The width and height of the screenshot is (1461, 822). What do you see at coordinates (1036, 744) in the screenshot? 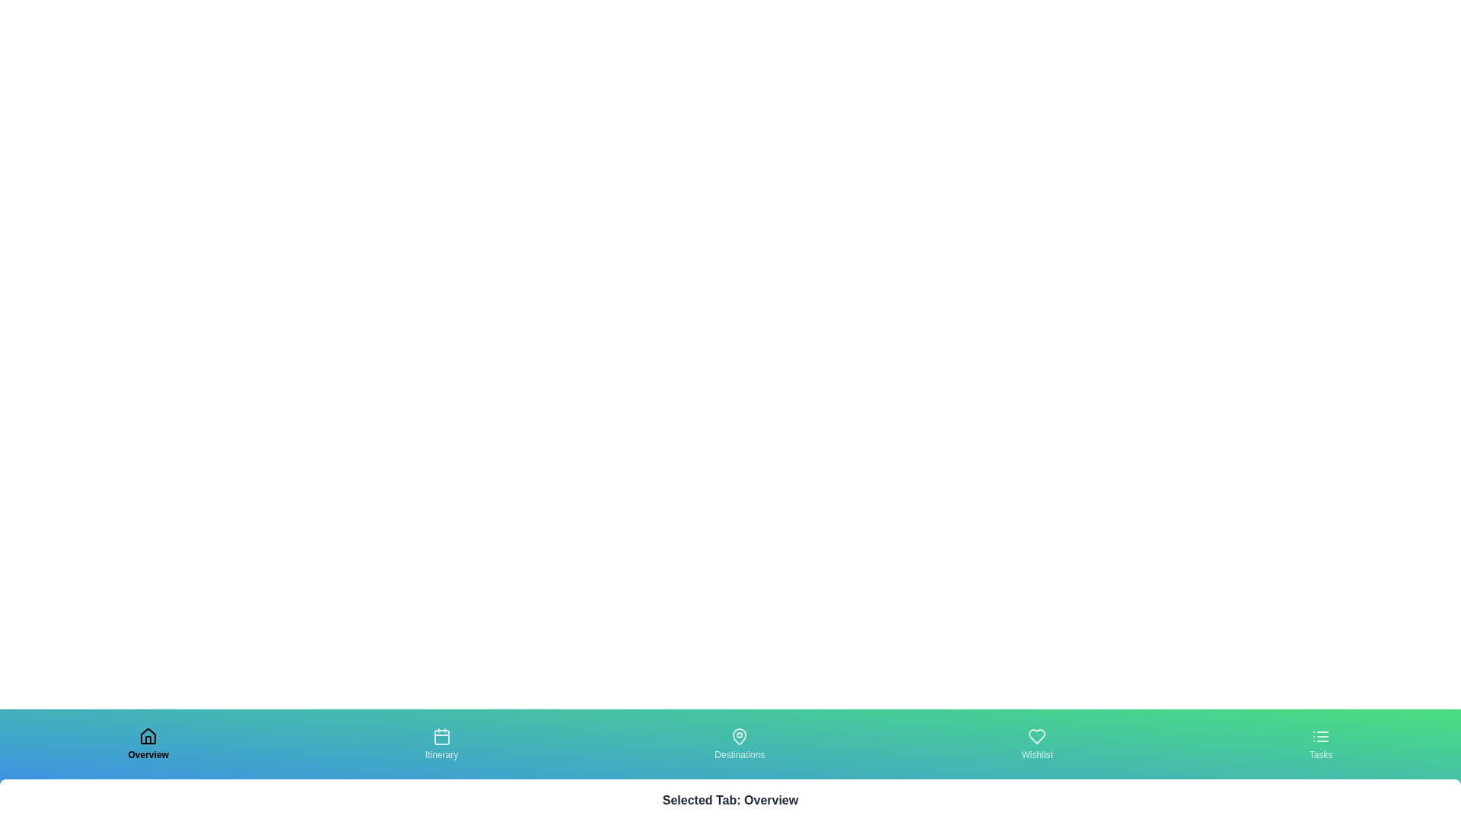
I see `the tab labeled Wishlist to observe its visual feedback` at bounding box center [1036, 744].